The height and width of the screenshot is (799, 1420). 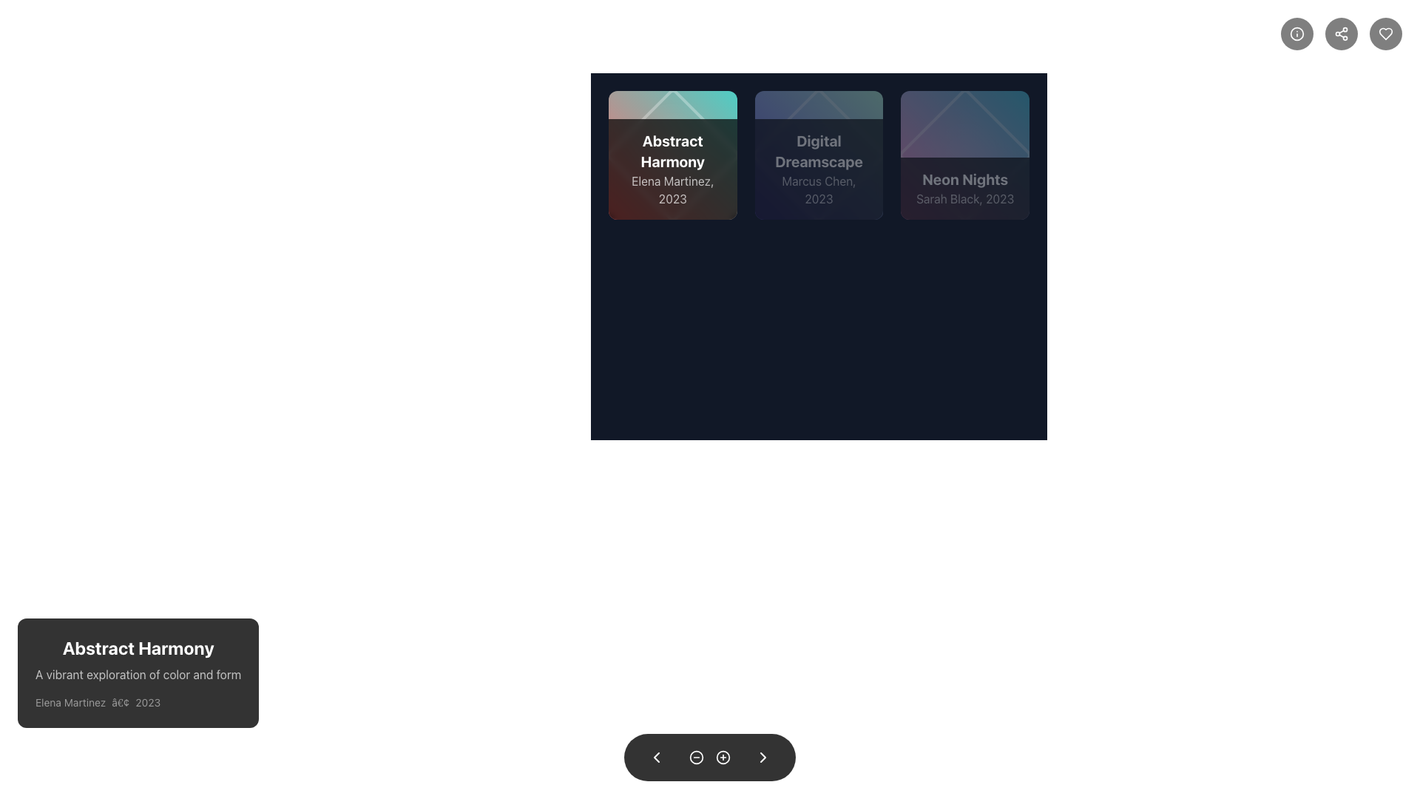 What do you see at coordinates (965, 178) in the screenshot?
I see `the static text element displaying 'Neon Nights' in bold, white font, located in the bottom-right corner of the grid layout` at bounding box center [965, 178].